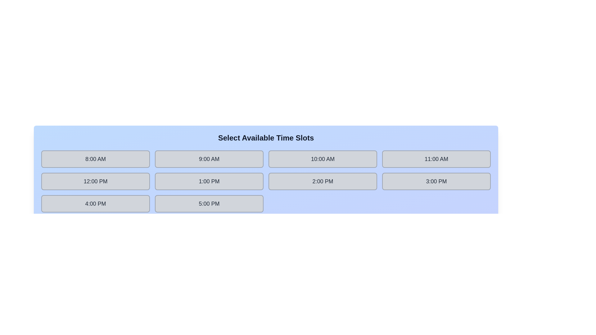 This screenshot has width=596, height=335. Describe the element at coordinates (323, 159) in the screenshot. I see `the time slot labeled 10:00 AM` at that location.